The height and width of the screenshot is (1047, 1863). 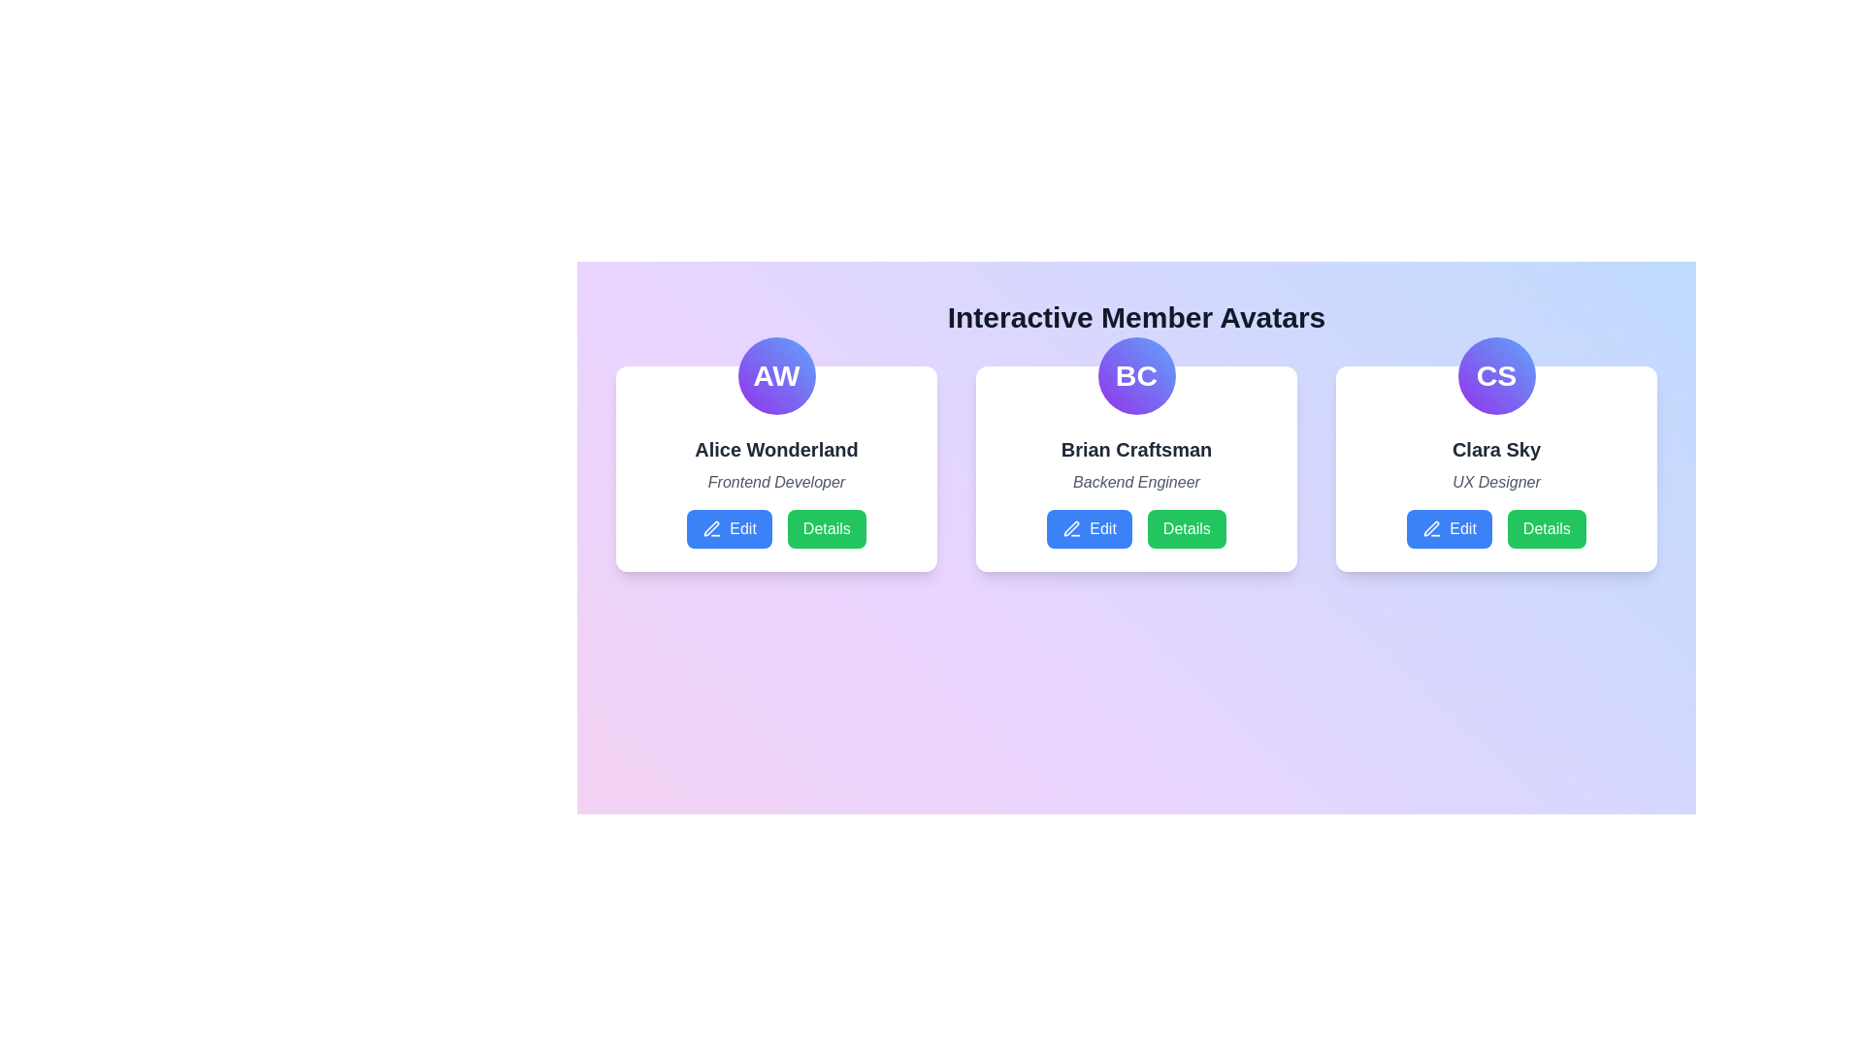 I want to click on the blue pen icon within the 'Edit' button on the card for 'Alice Wonderland', so click(x=710, y=528).